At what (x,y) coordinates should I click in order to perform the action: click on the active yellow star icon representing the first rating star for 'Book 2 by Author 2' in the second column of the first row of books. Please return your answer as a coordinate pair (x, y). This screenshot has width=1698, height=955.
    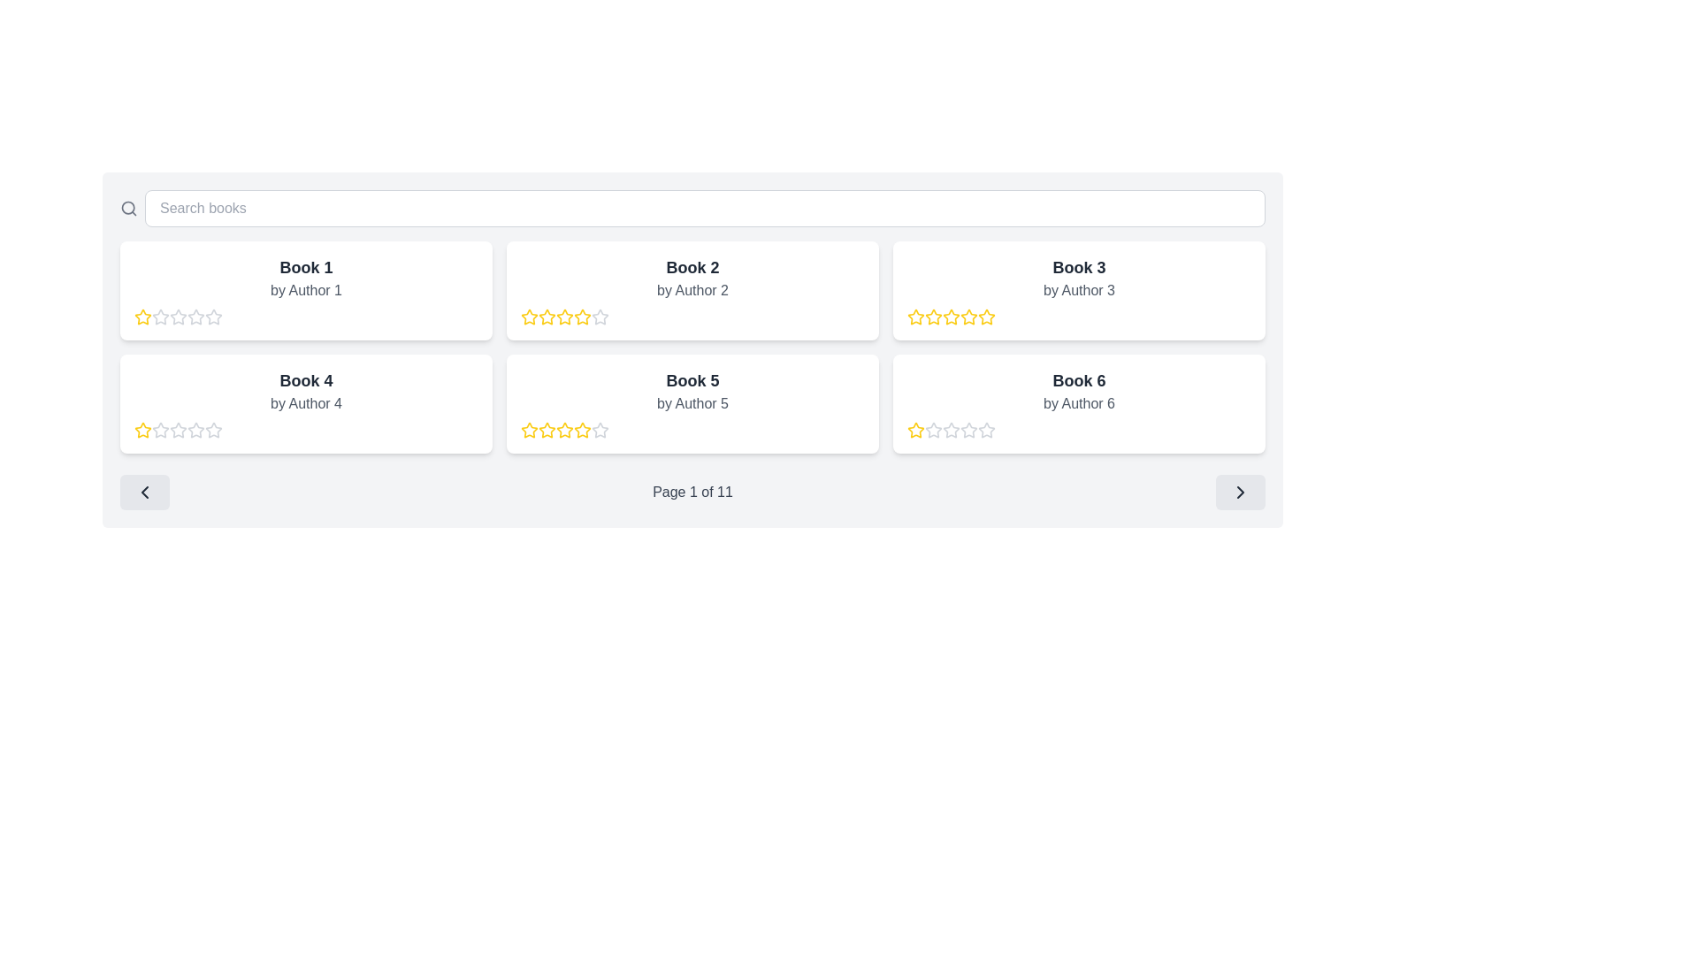
    Looking at the image, I should click on (529, 316).